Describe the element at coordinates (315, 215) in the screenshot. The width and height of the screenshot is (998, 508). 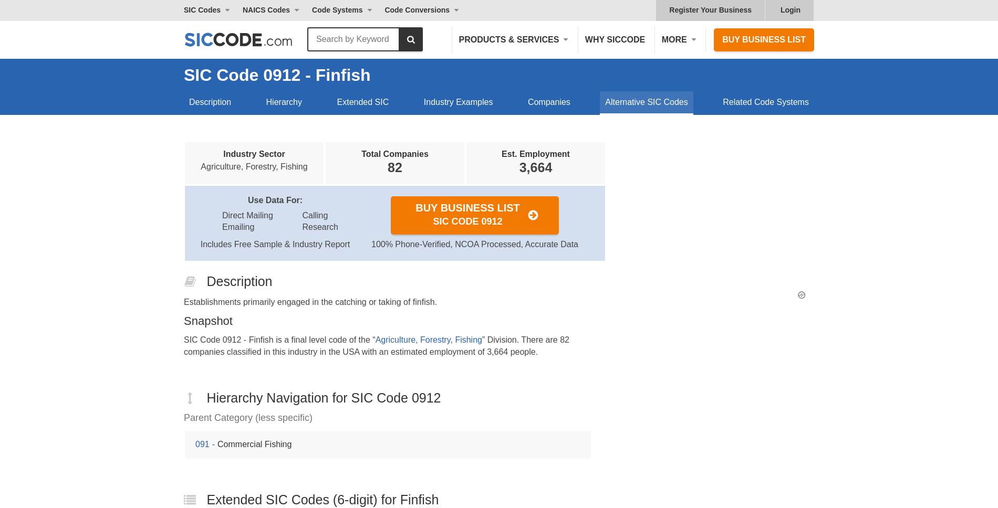
I see `'Calling'` at that location.